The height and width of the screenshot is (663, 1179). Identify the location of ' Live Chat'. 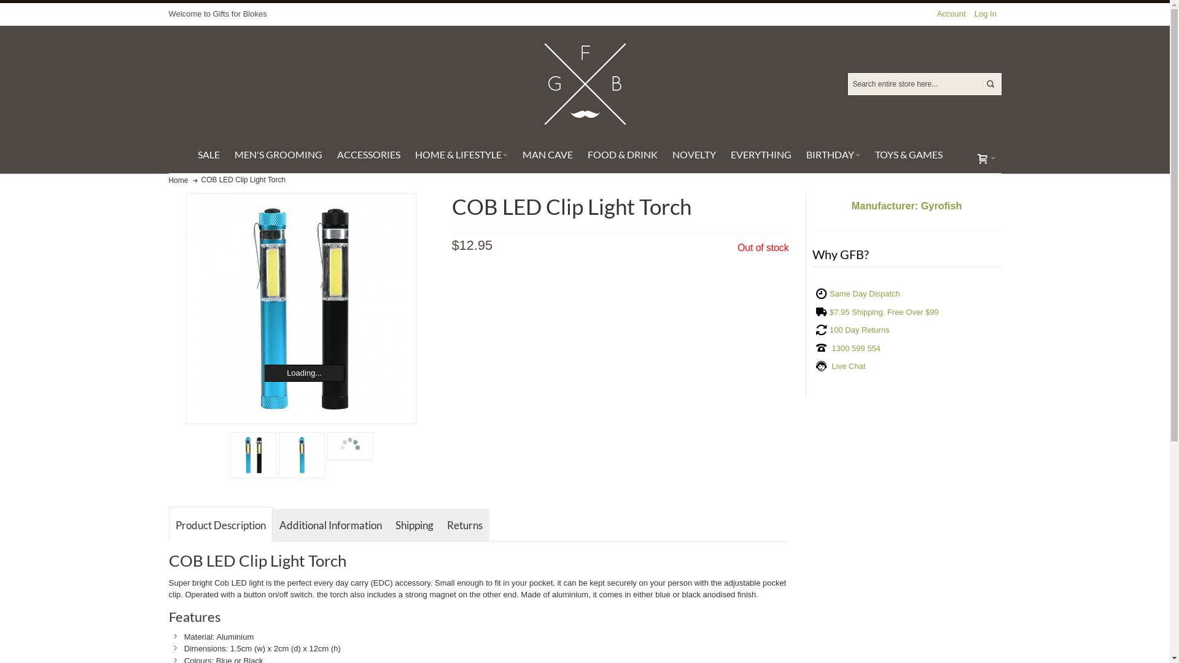
(847, 365).